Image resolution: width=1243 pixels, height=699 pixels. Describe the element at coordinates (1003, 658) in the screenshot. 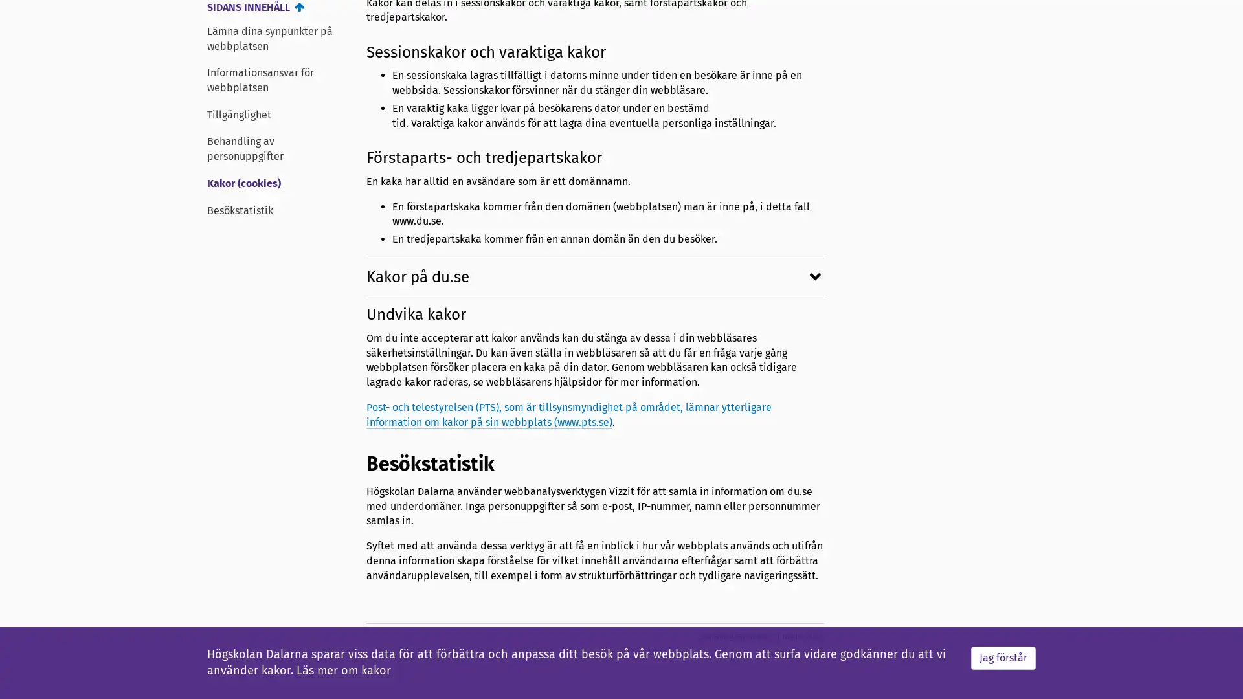

I see `Jag forstar` at that location.